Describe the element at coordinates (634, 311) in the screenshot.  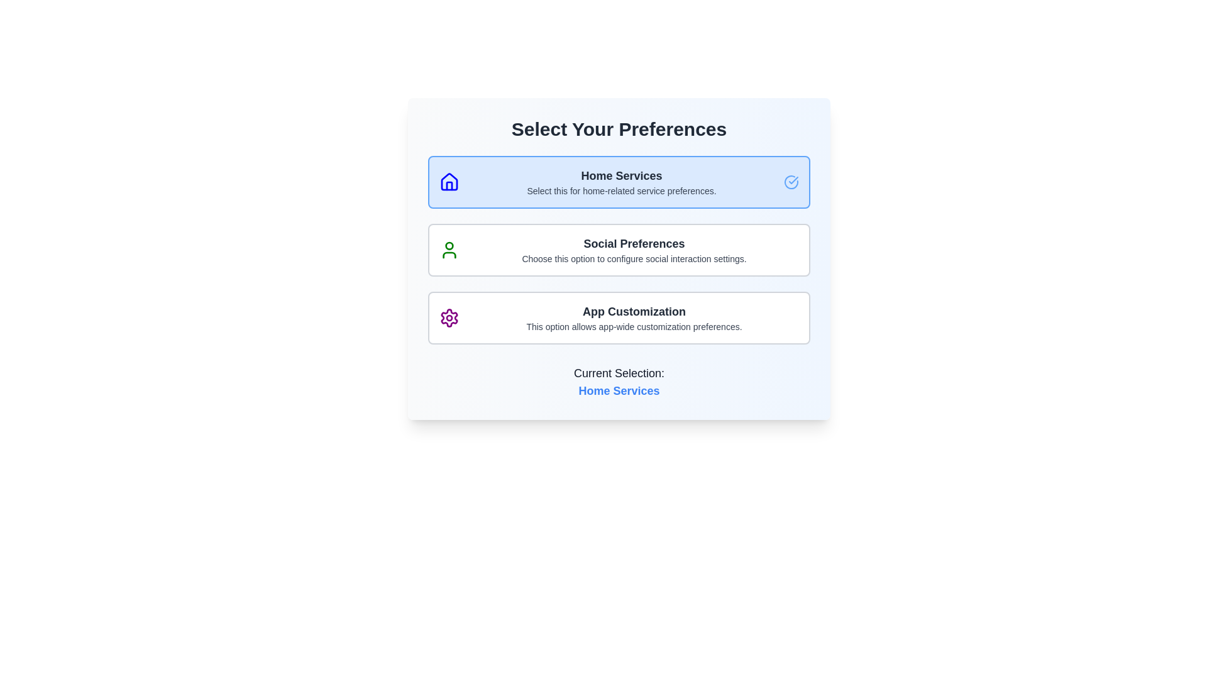
I see `the 'App Customization' text label, which is styled with a large, bold font and dark gray color, serving as a section header within the interface` at that location.